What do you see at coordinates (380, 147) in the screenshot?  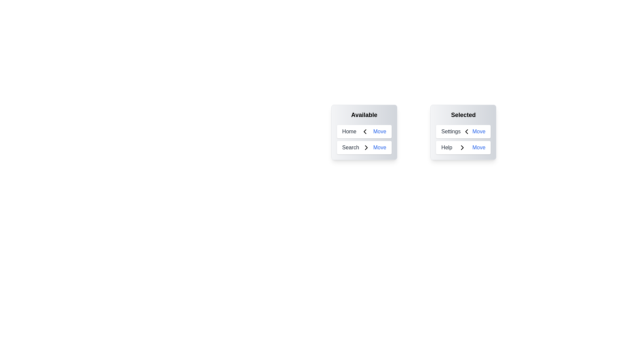 I see `'Move' button next to the item 'Search' in the 'Available' list to transfer it` at bounding box center [380, 147].